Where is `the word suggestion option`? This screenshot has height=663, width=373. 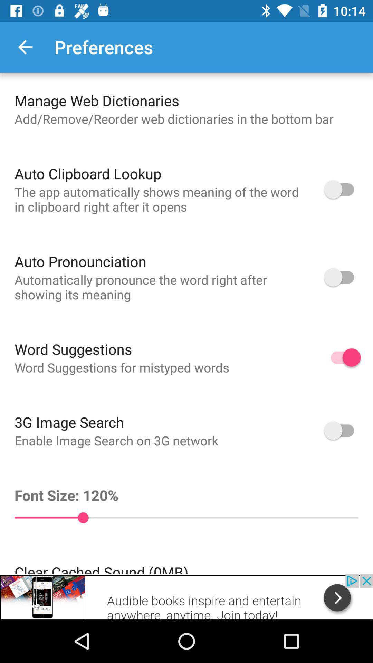
the word suggestion option is located at coordinates (342, 357).